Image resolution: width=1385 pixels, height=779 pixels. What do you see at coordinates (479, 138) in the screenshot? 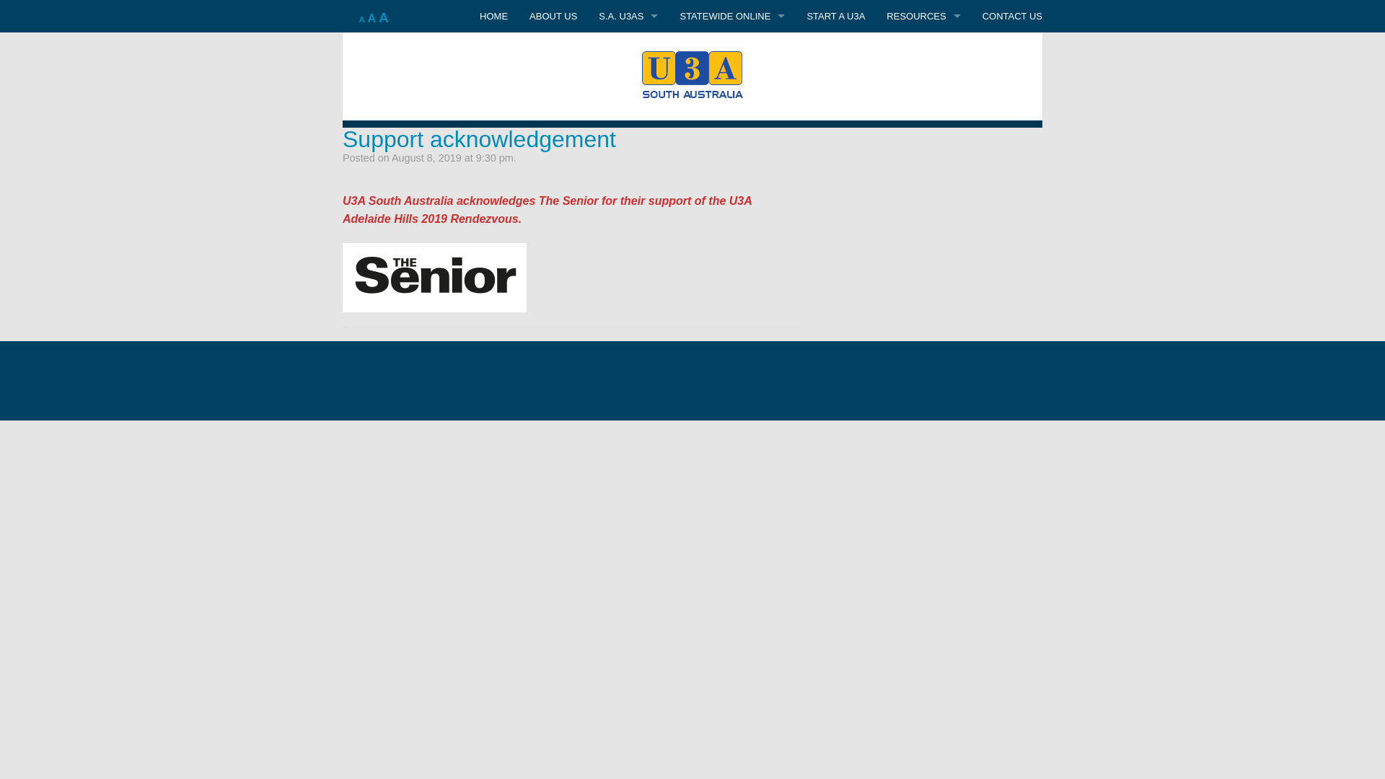
I see `'Support acknowledgement'` at bounding box center [479, 138].